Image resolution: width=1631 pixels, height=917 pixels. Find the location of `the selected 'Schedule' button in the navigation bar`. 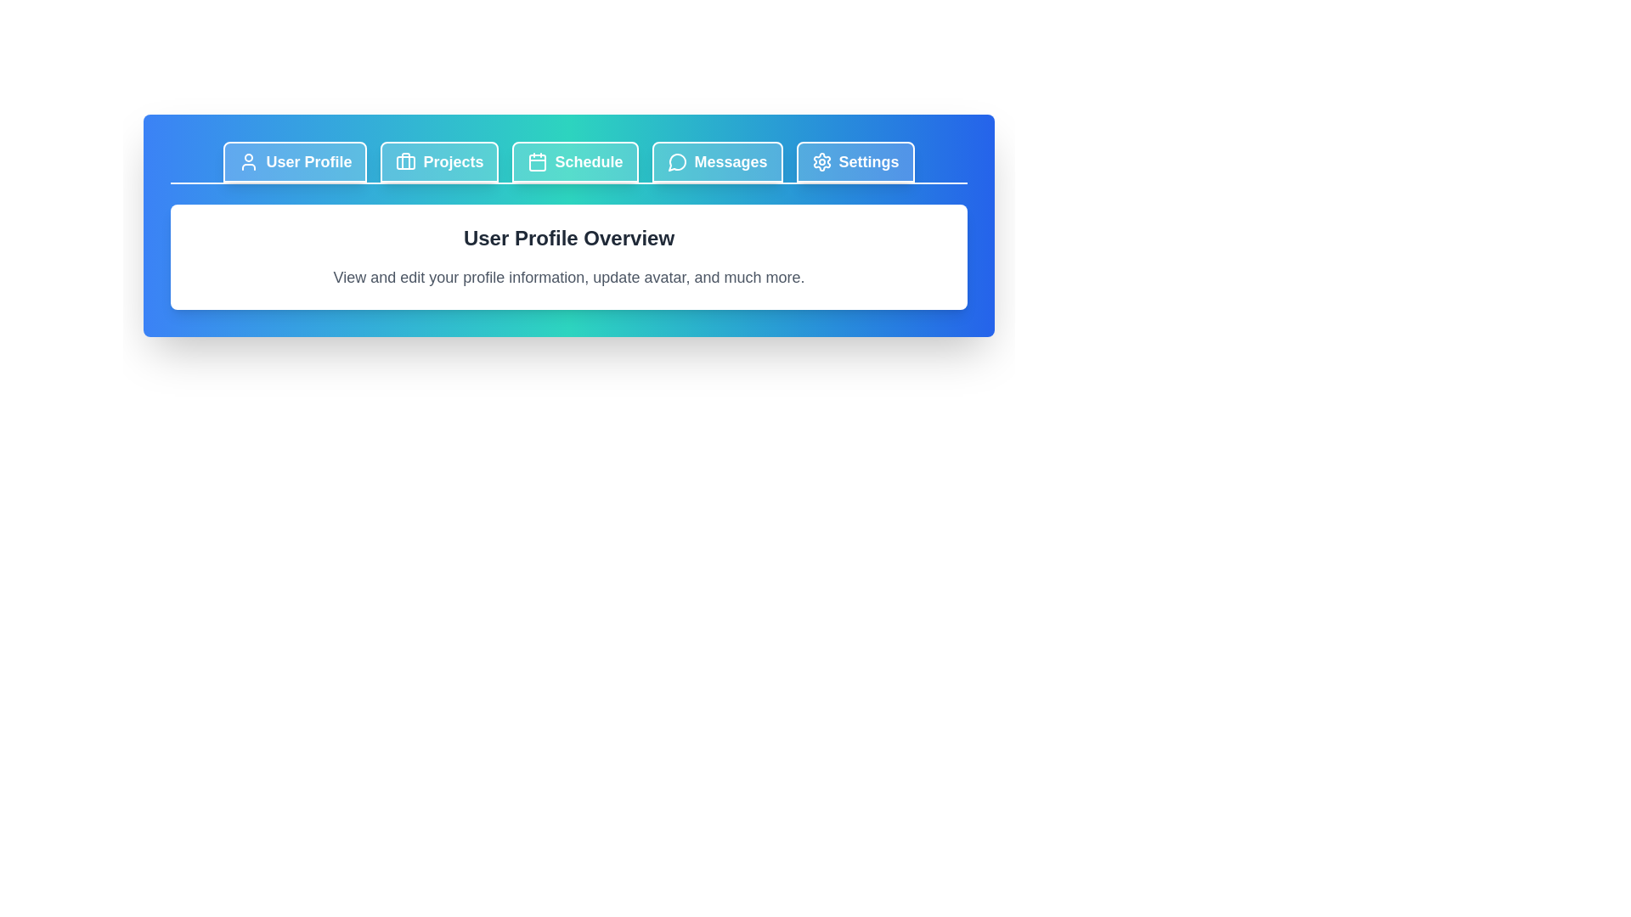

the selected 'Schedule' button in the navigation bar is located at coordinates (575, 162).